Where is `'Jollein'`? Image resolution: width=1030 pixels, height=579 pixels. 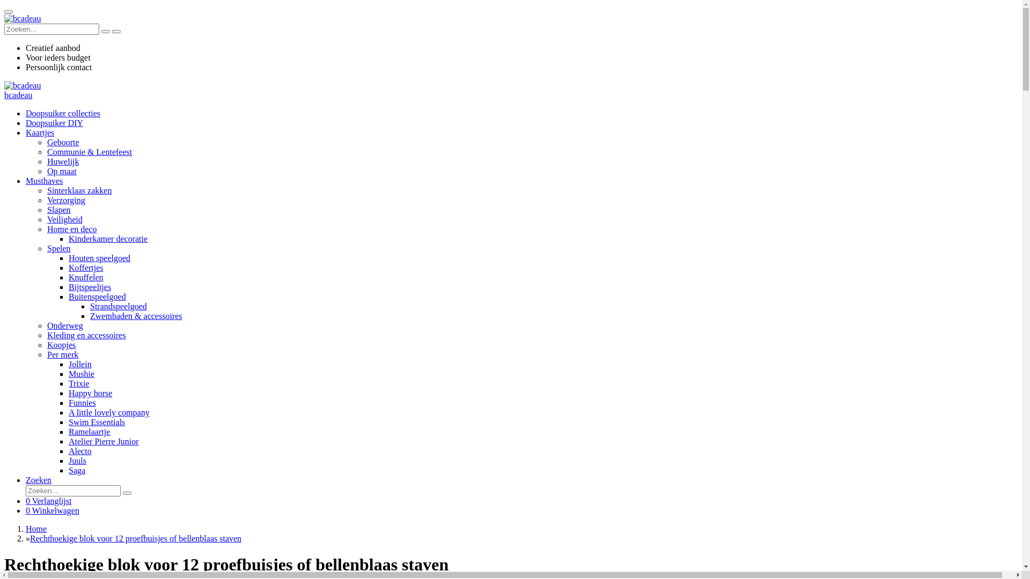
'Jollein' is located at coordinates (79, 363).